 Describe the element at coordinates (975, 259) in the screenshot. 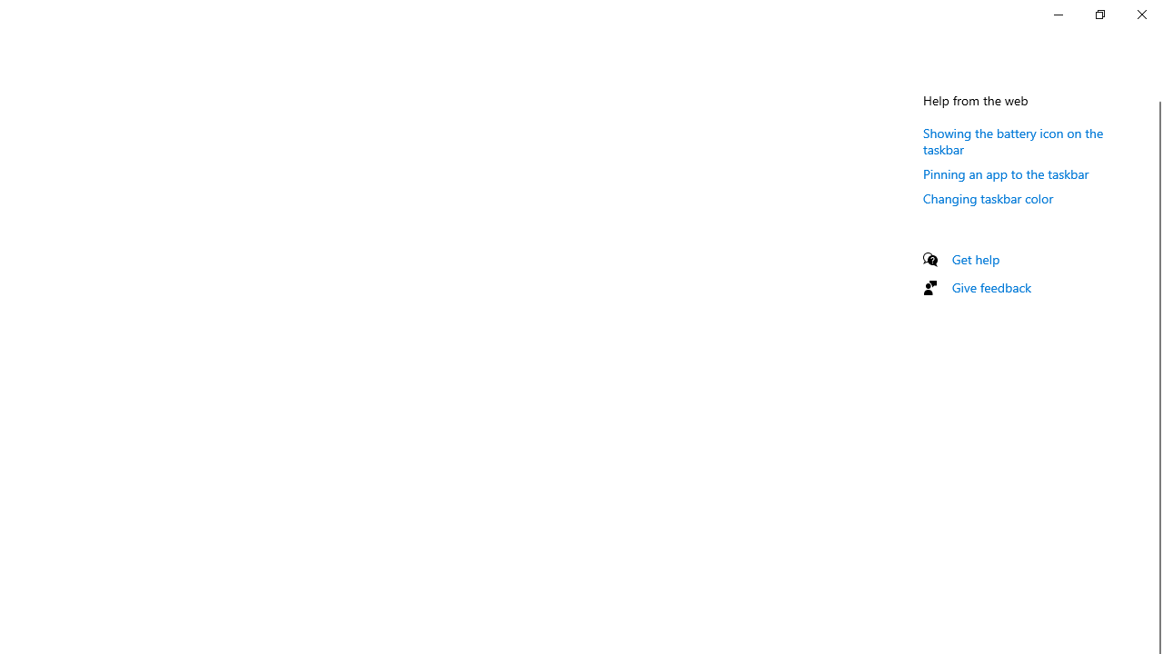

I see `'Get help'` at that location.